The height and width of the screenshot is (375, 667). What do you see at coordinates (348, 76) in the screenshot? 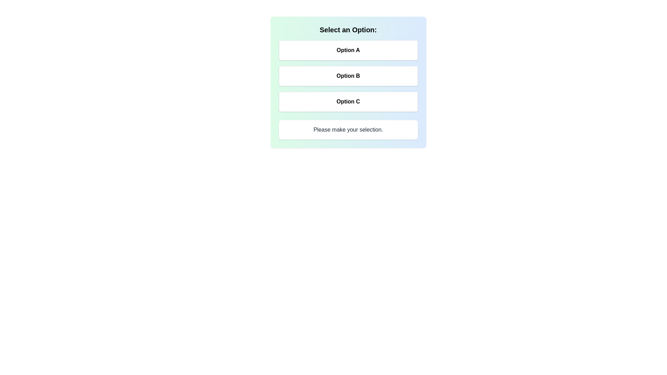
I see `the selectable item block located beneath the 'Select an Option:' heading to observe any hover effects` at bounding box center [348, 76].